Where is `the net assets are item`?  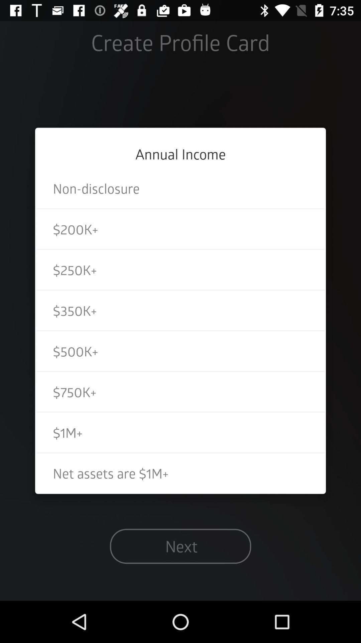
the net assets are item is located at coordinates (180, 473).